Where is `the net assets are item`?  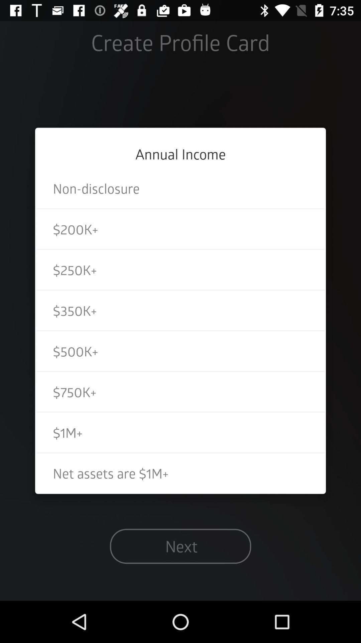
the net assets are item is located at coordinates (180, 473).